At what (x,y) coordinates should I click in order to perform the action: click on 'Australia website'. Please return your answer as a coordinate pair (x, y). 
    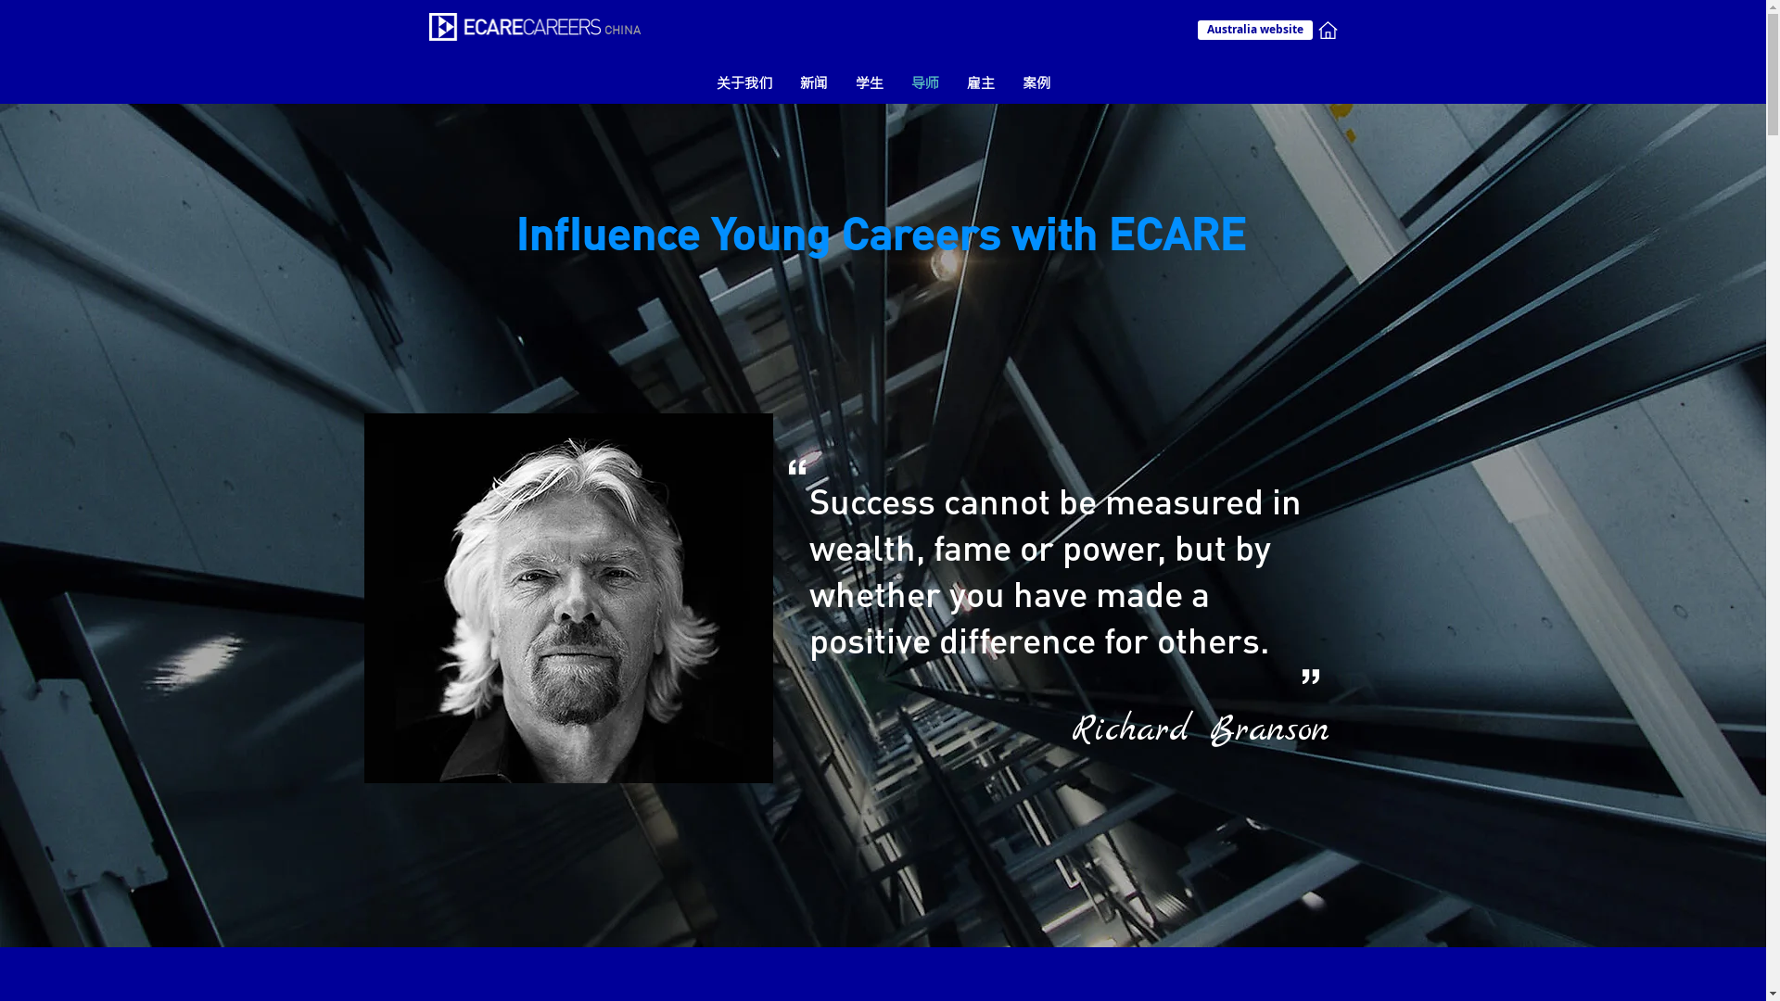
    Looking at the image, I should click on (1254, 30).